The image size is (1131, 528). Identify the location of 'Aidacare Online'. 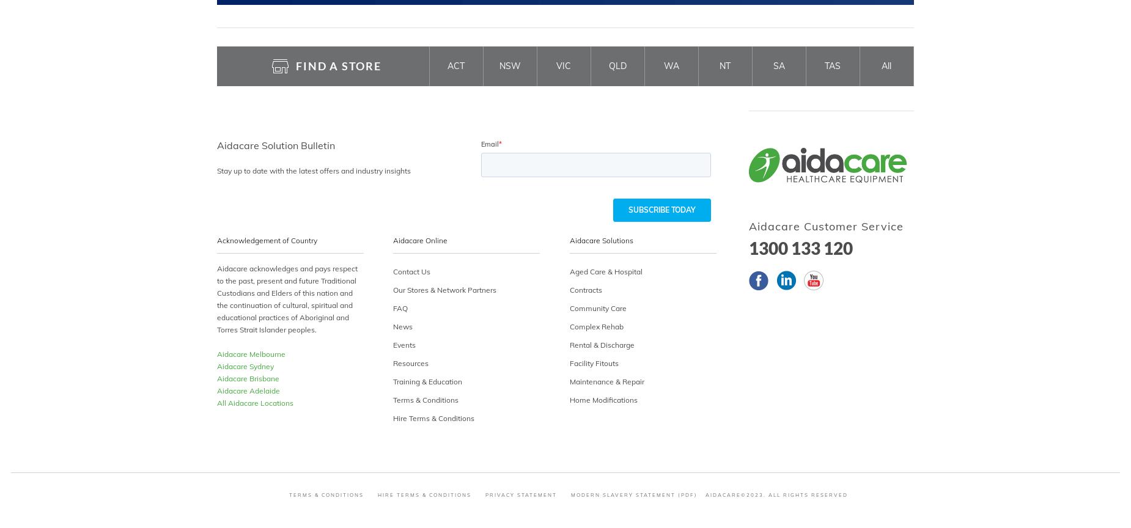
(420, 240).